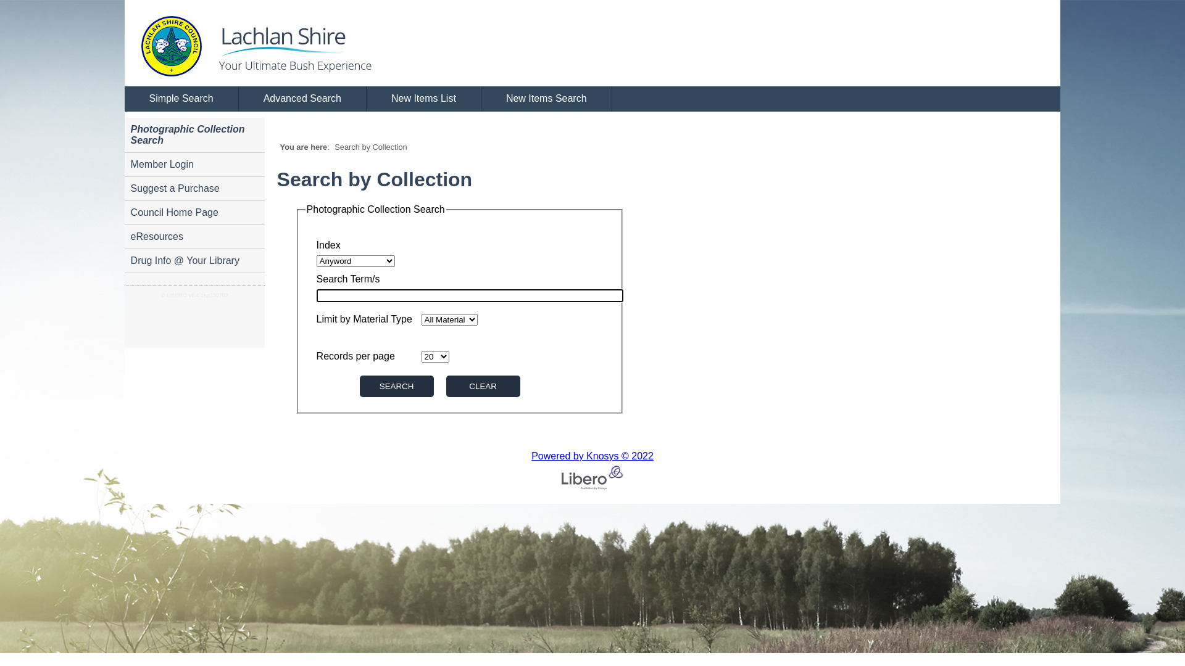  Describe the element at coordinates (194, 135) in the screenshot. I see `'Photographic Collection Search'` at that location.